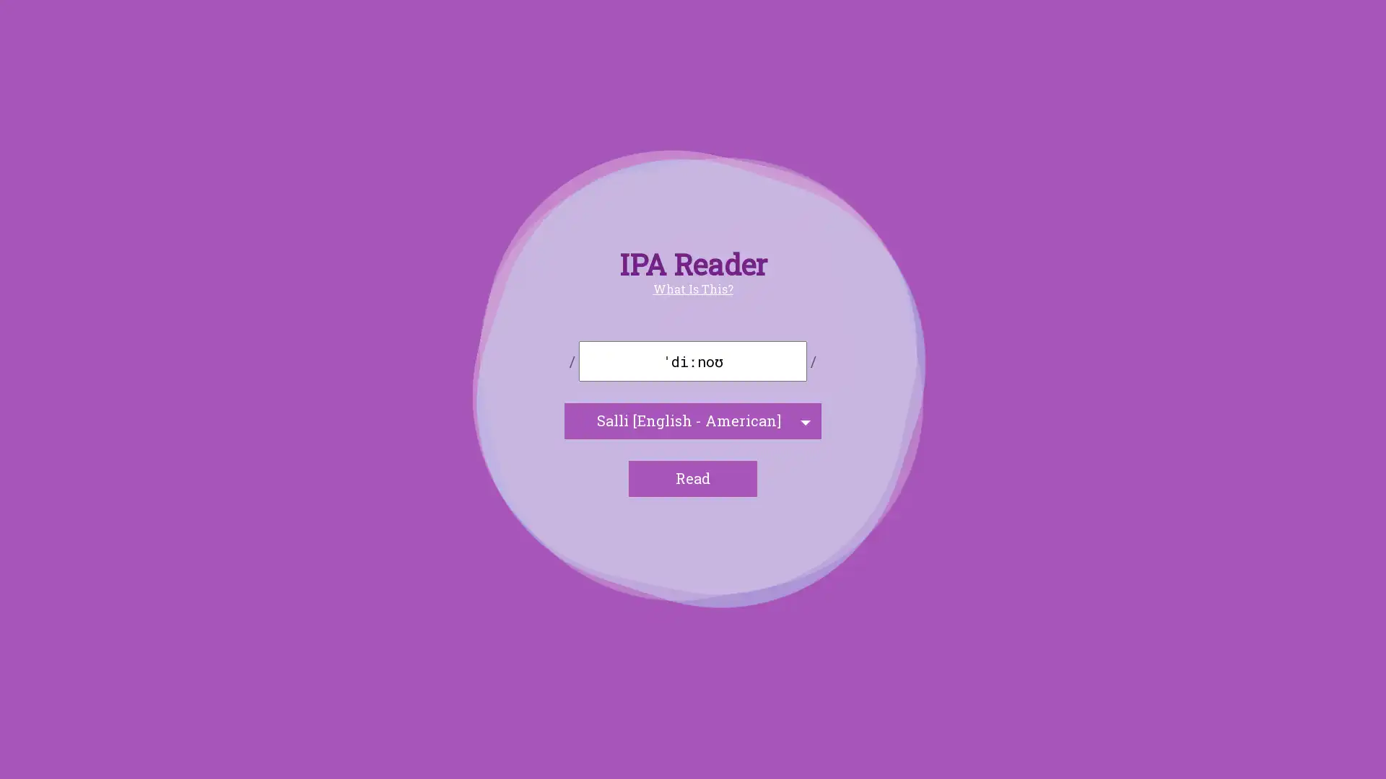  What do you see at coordinates (693, 478) in the screenshot?
I see `Read` at bounding box center [693, 478].